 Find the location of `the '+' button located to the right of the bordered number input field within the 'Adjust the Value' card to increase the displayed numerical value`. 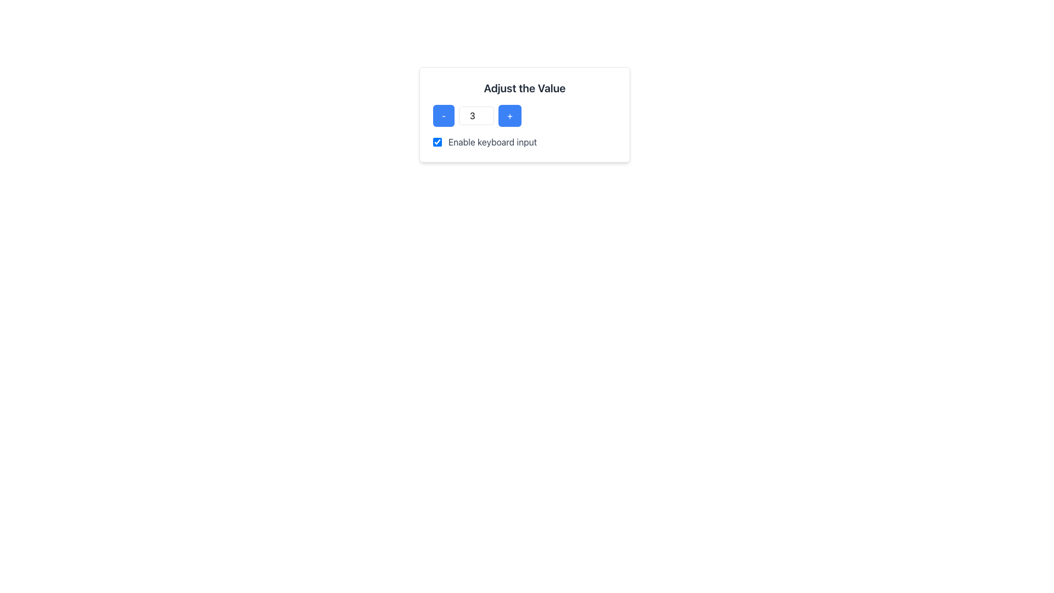

the '+' button located to the right of the bordered number input field within the 'Adjust the Value' card to increase the displayed numerical value is located at coordinates (509, 116).